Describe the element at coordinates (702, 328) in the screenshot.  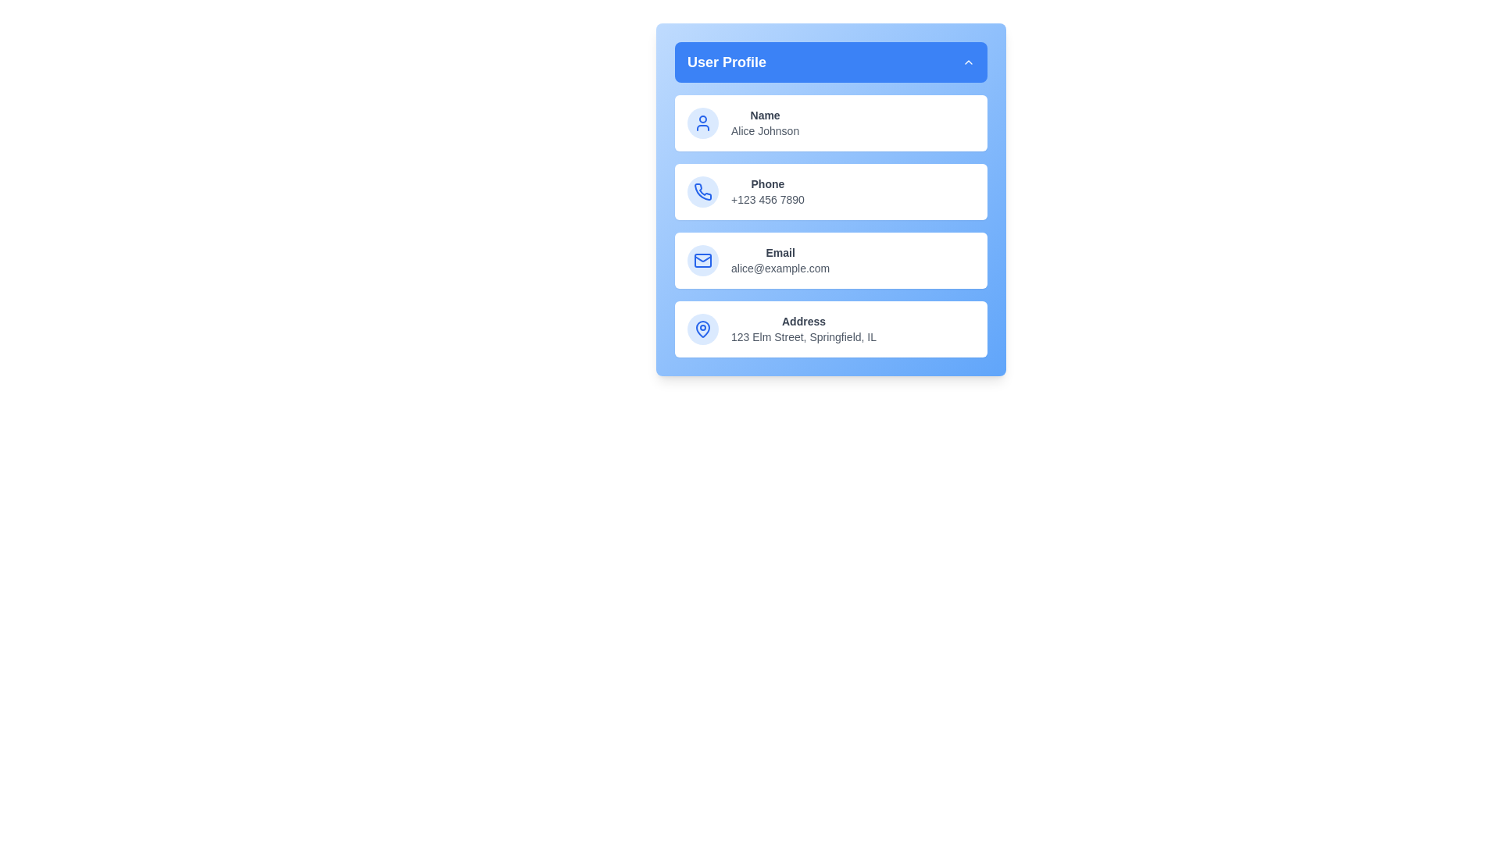
I see `the location icon in the left section of the 'Address' row, which is the fourth row of the profile card layout` at that location.